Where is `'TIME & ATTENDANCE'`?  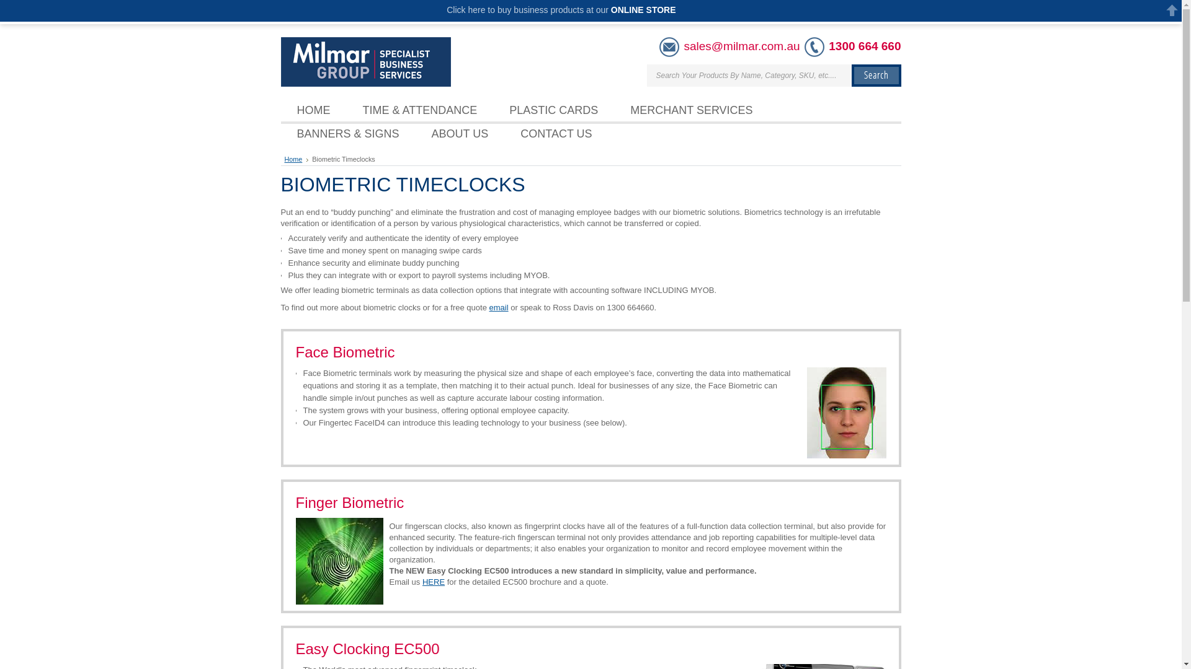 'TIME & ATTENDANCE' is located at coordinates (419, 109).